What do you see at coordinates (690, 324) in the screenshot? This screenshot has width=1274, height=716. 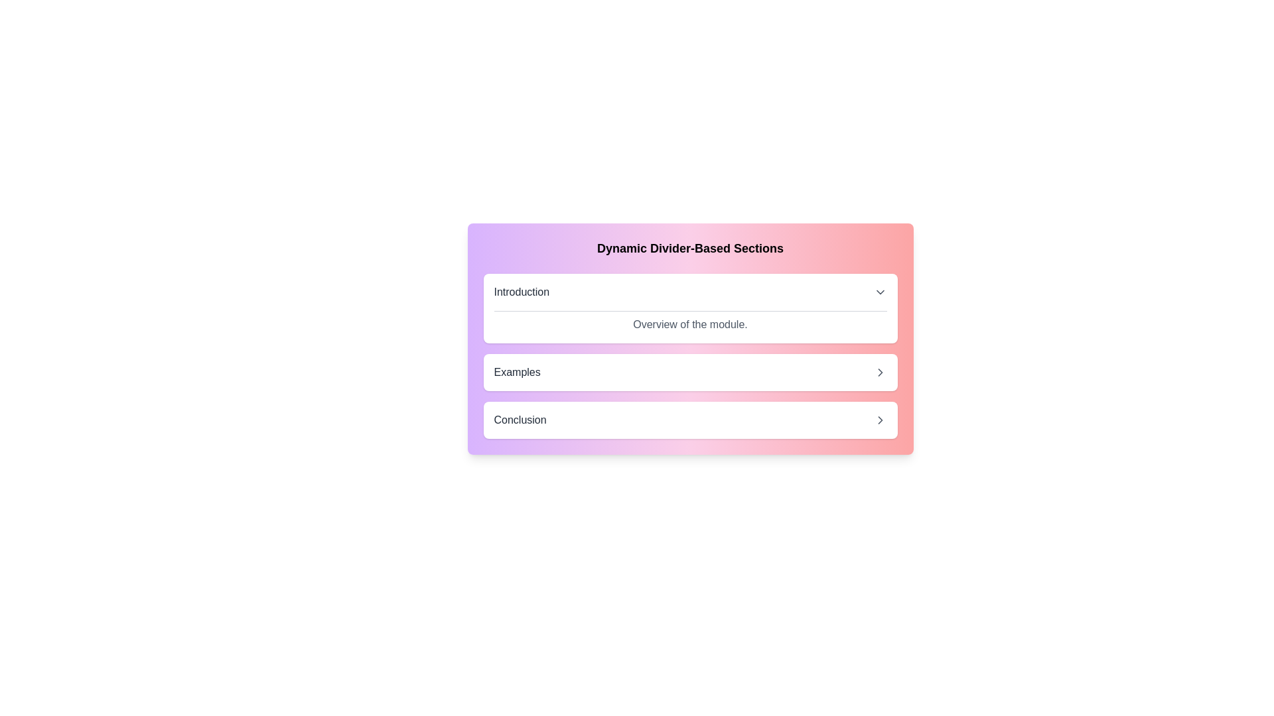 I see `the text label that reads 'Overview of the module.' which is styled in gray and positioned below a dividing line in the card-like section` at bounding box center [690, 324].